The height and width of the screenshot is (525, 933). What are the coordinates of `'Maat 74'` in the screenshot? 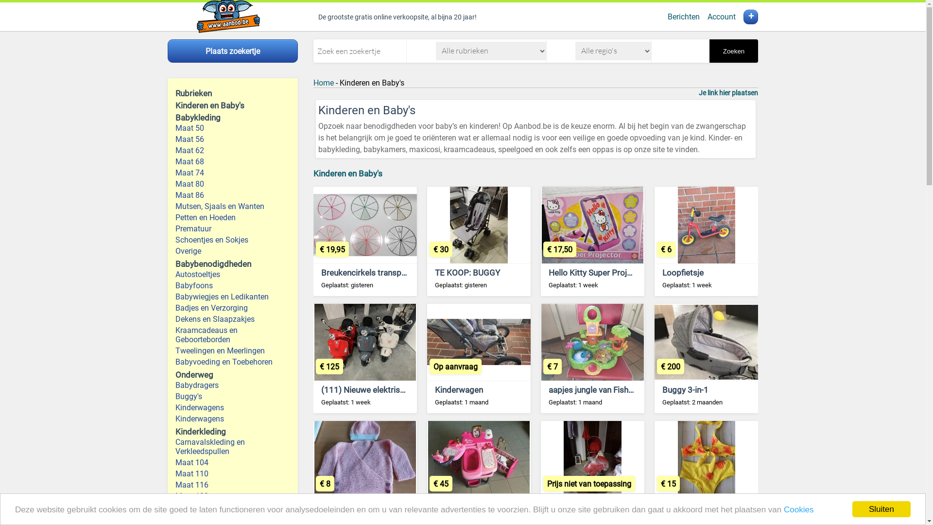 It's located at (232, 172).